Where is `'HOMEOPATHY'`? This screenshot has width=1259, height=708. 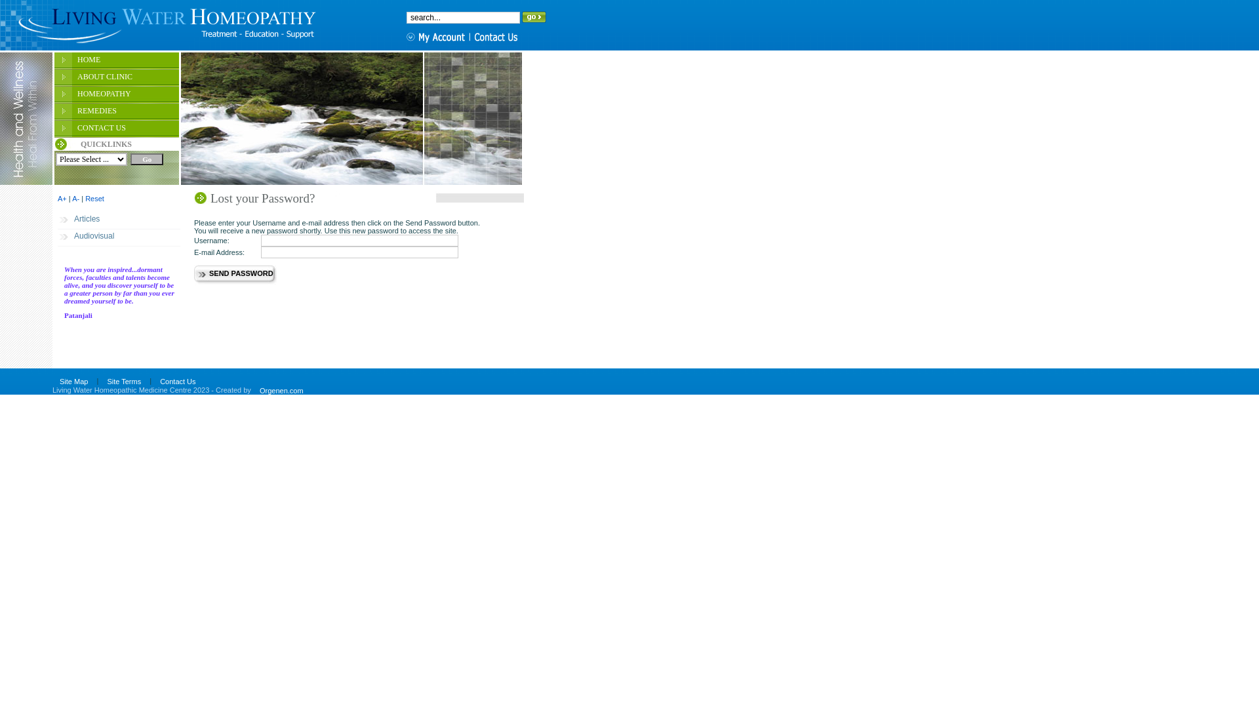 'HOMEOPATHY' is located at coordinates (116, 94).